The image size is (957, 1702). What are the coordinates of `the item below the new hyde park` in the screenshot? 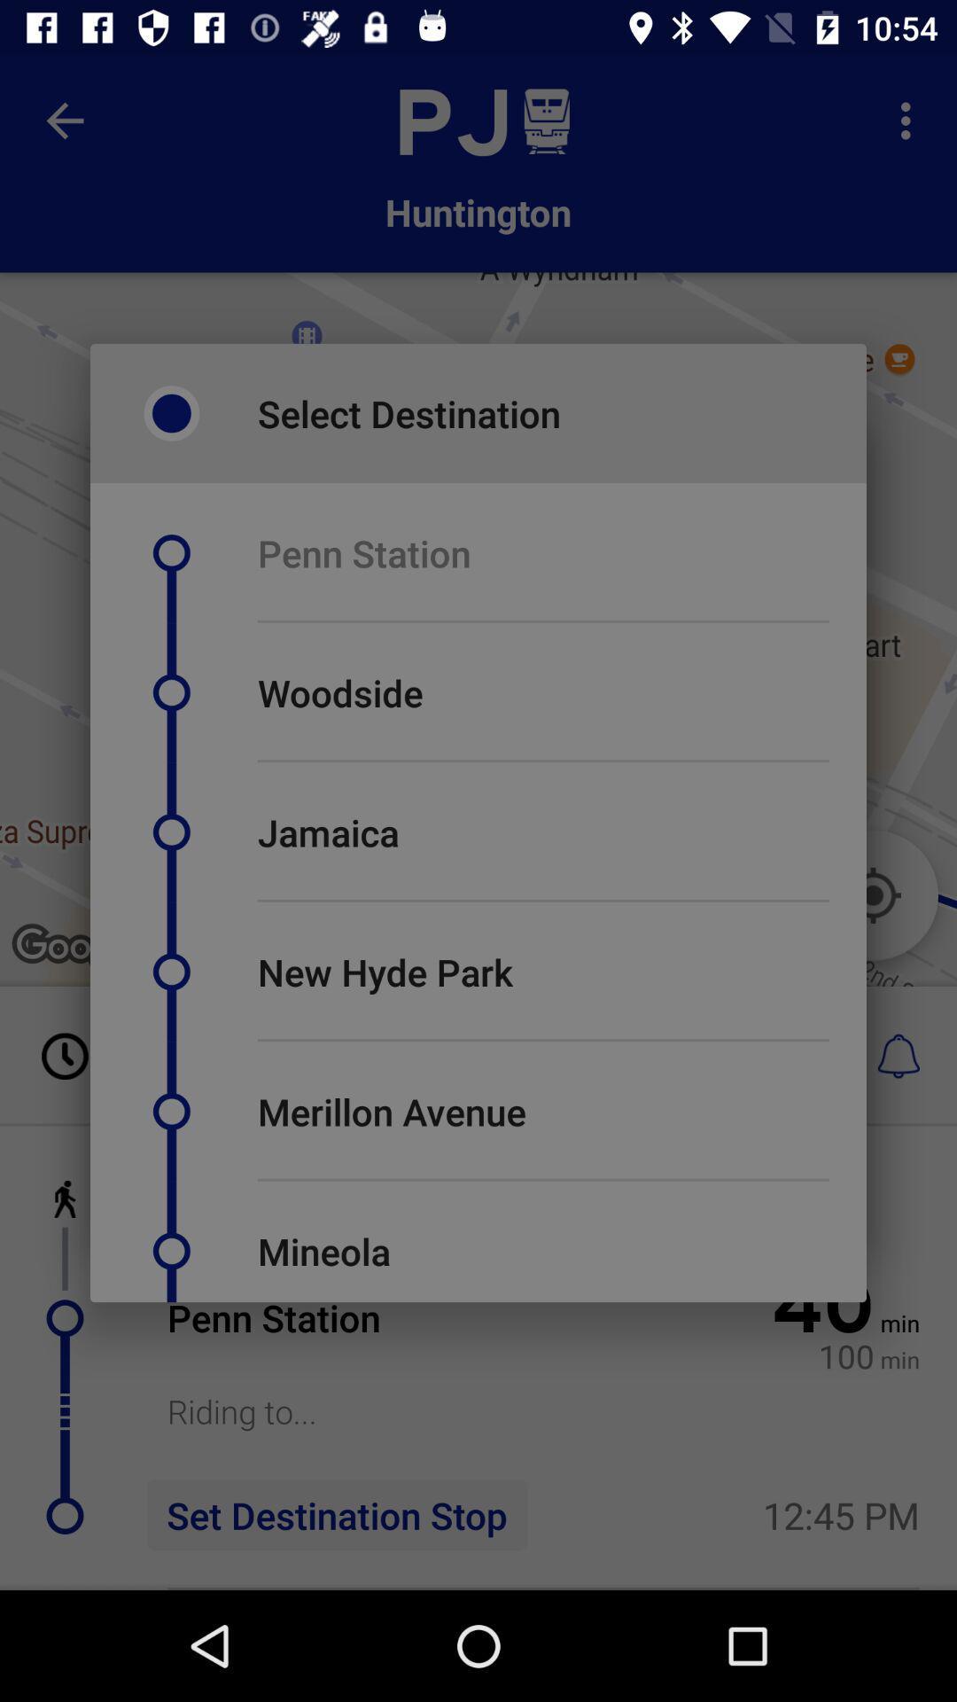 It's located at (542, 1040).